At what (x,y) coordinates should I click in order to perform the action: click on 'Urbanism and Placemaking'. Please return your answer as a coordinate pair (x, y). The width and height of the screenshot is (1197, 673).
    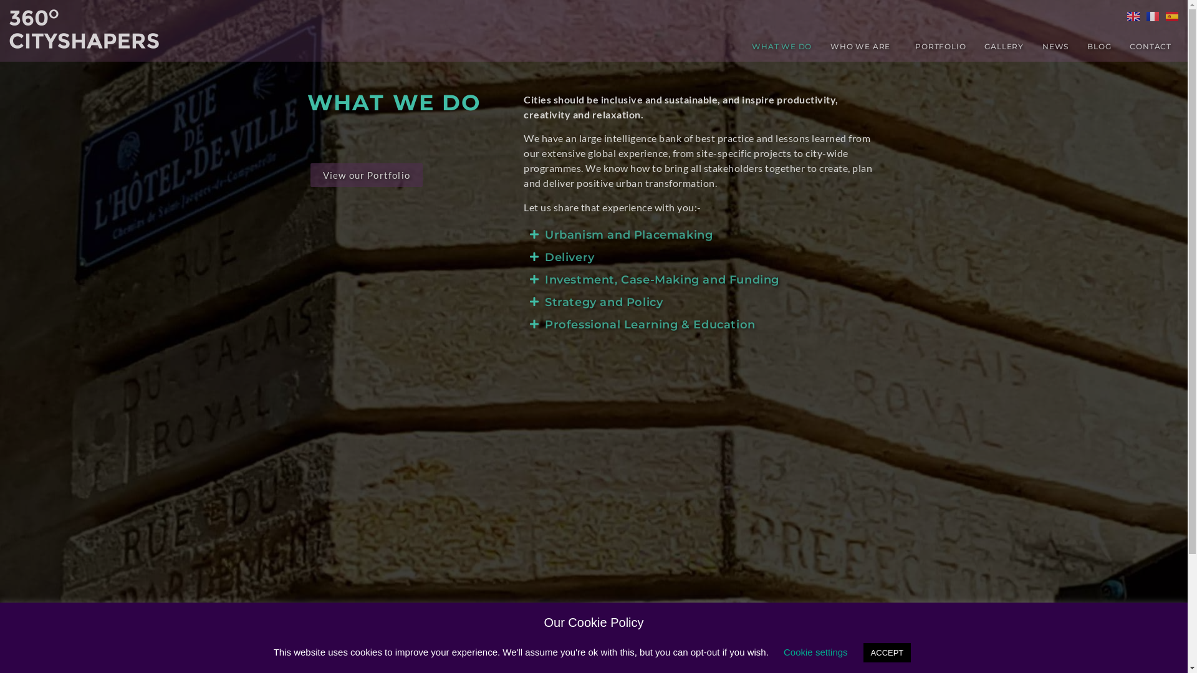
    Looking at the image, I should click on (628, 235).